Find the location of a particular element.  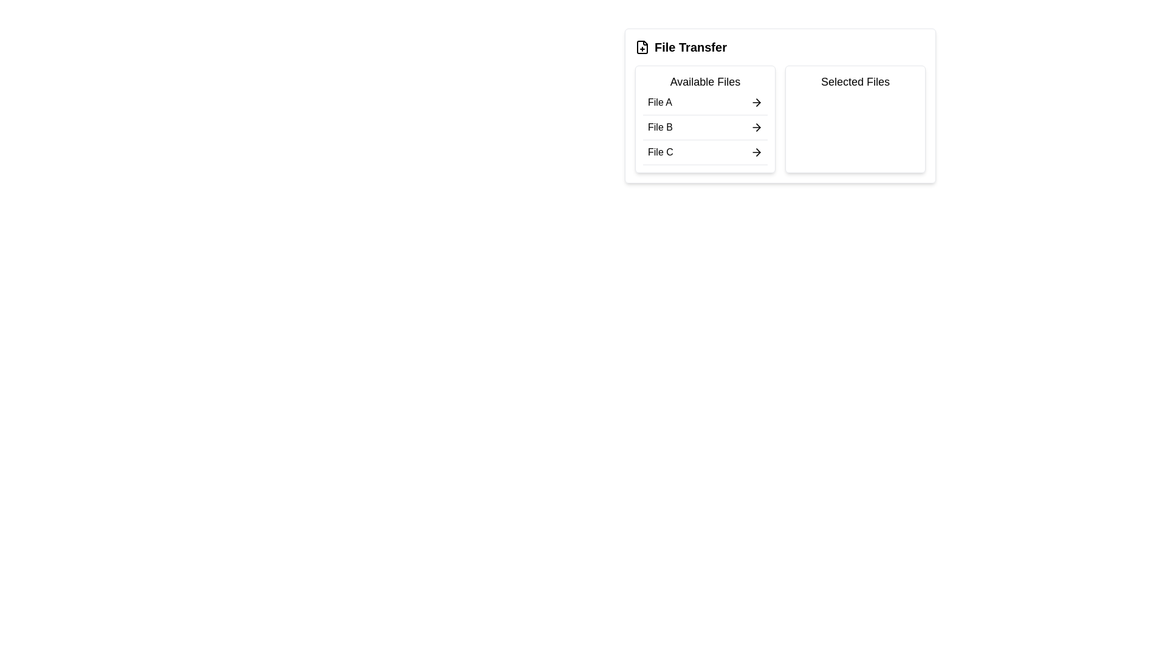

the right arrow SVG icon located on the right side of the 'File A' row in the 'Available Files' panel of the 'File Transfer' interface for interaction is located at coordinates (758, 102).